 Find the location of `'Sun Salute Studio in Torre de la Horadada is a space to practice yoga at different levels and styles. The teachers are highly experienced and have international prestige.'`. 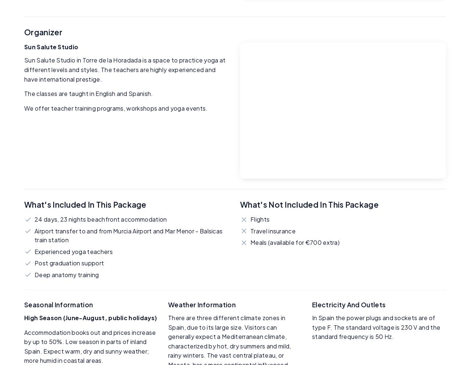

'Sun Salute Studio in Torre de la Horadada is a space to practice yoga at different levels and styles. The teachers are highly experienced and have international prestige.' is located at coordinates (24, 69).